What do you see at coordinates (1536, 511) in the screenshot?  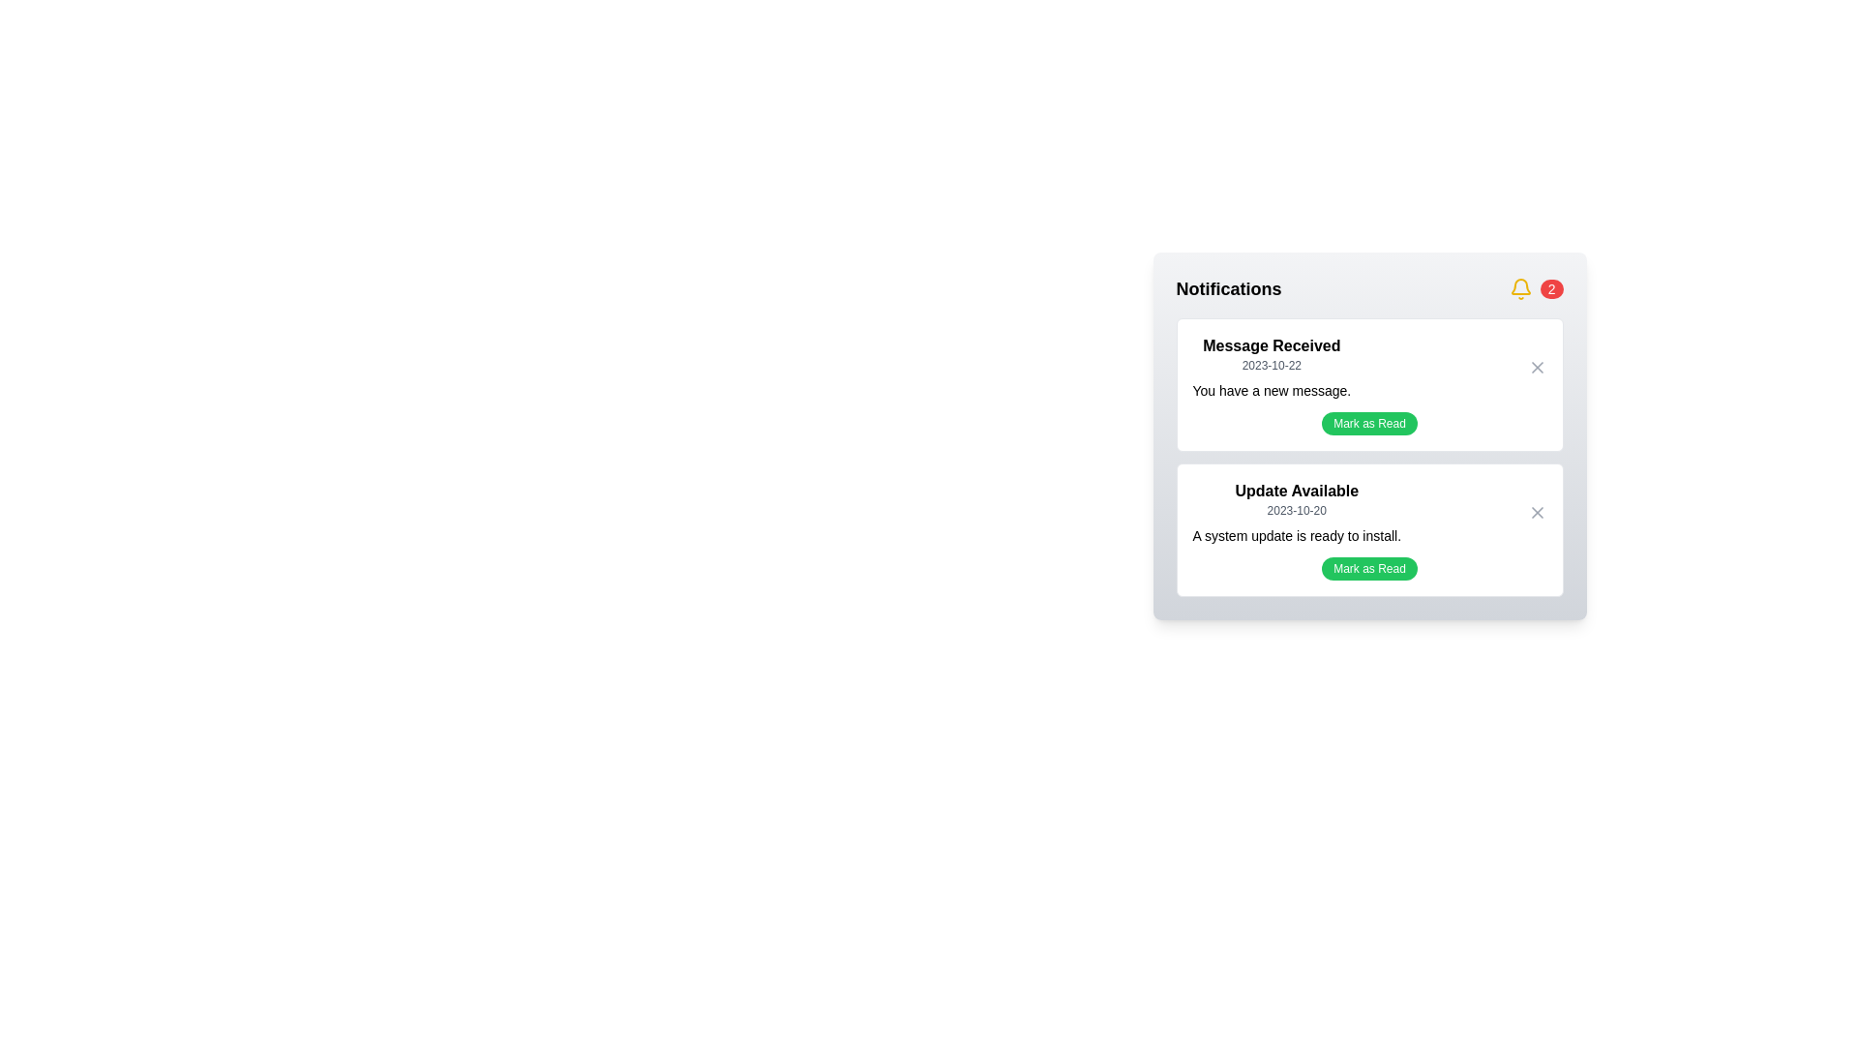 I see `the close button SVG icon located at the top-right corner of the second notification card` at bounding box center [1536, 511].